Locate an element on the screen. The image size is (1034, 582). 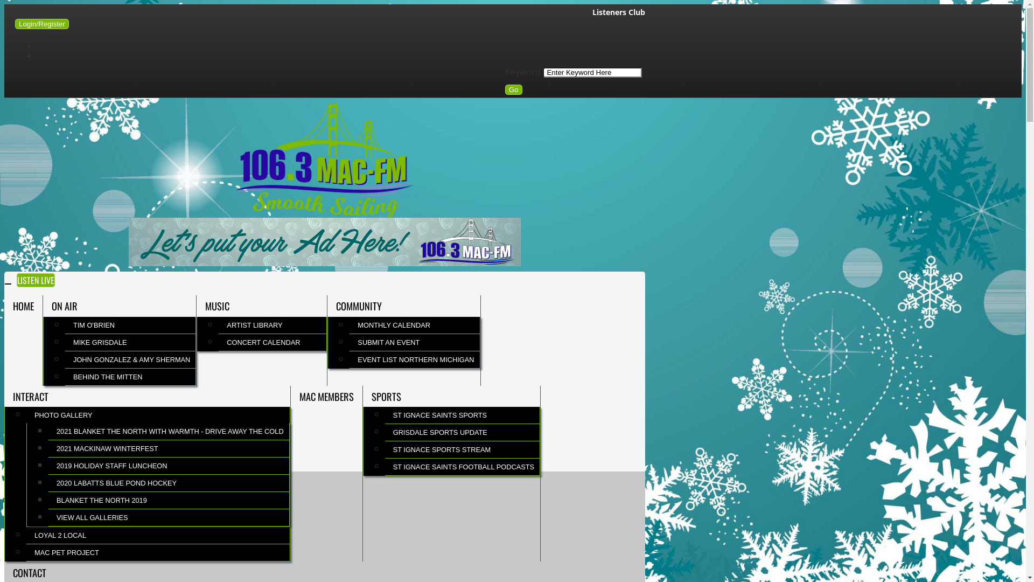
'SUBMIT AN EVENT' is located at coordinates (414, 342).